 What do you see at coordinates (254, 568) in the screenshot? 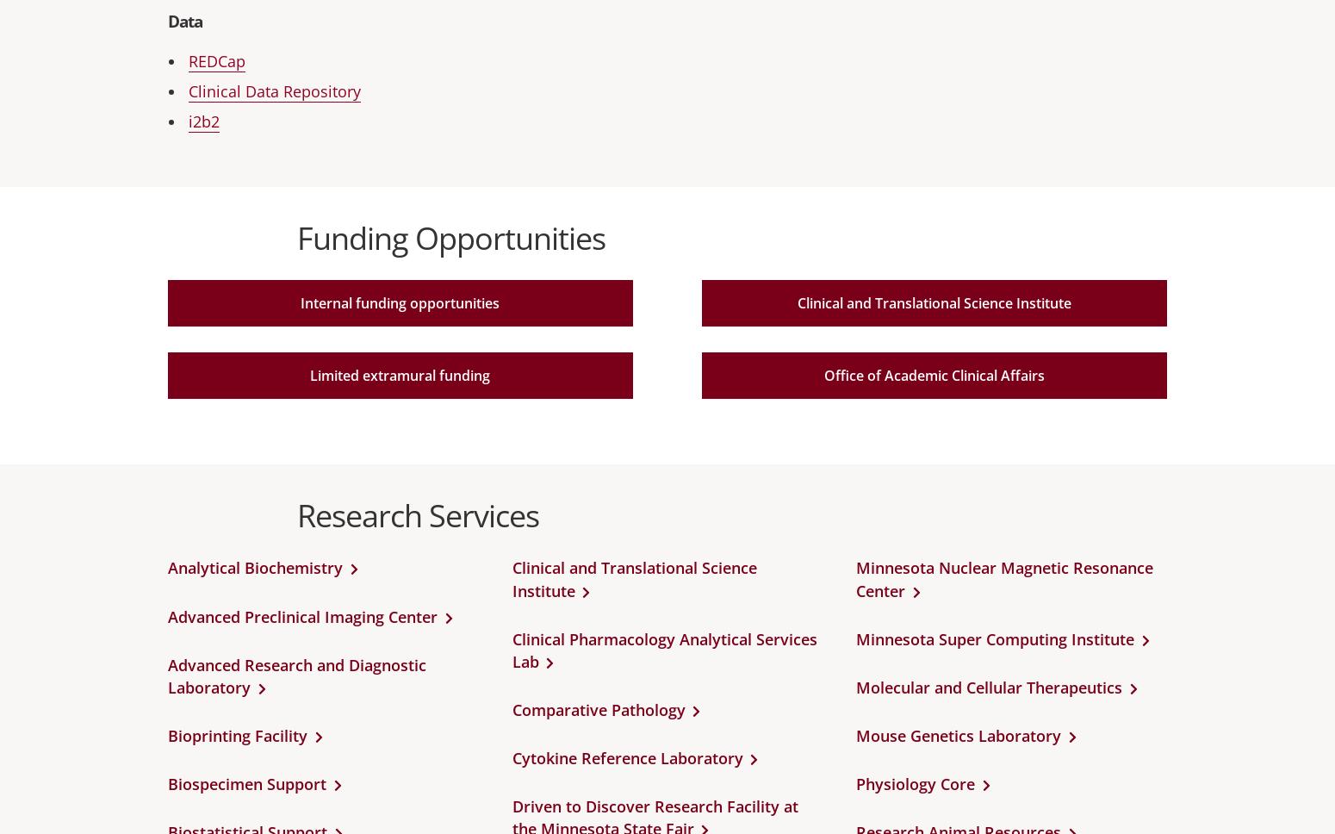
I see `'Analytical Biochemistry'` at bounding box center [254, 568].